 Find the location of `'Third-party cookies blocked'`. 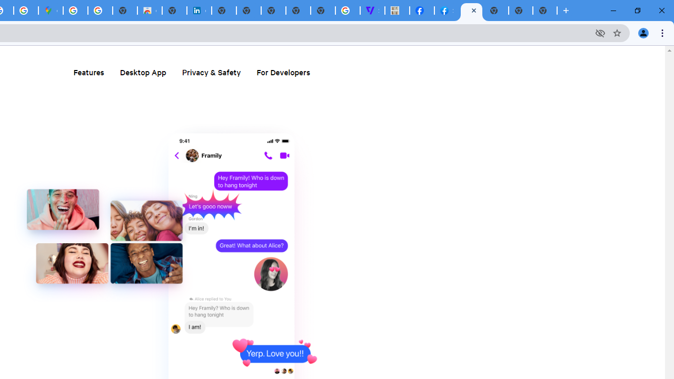

'Third-party cookies blocked' is located at coordinates (600, 32).